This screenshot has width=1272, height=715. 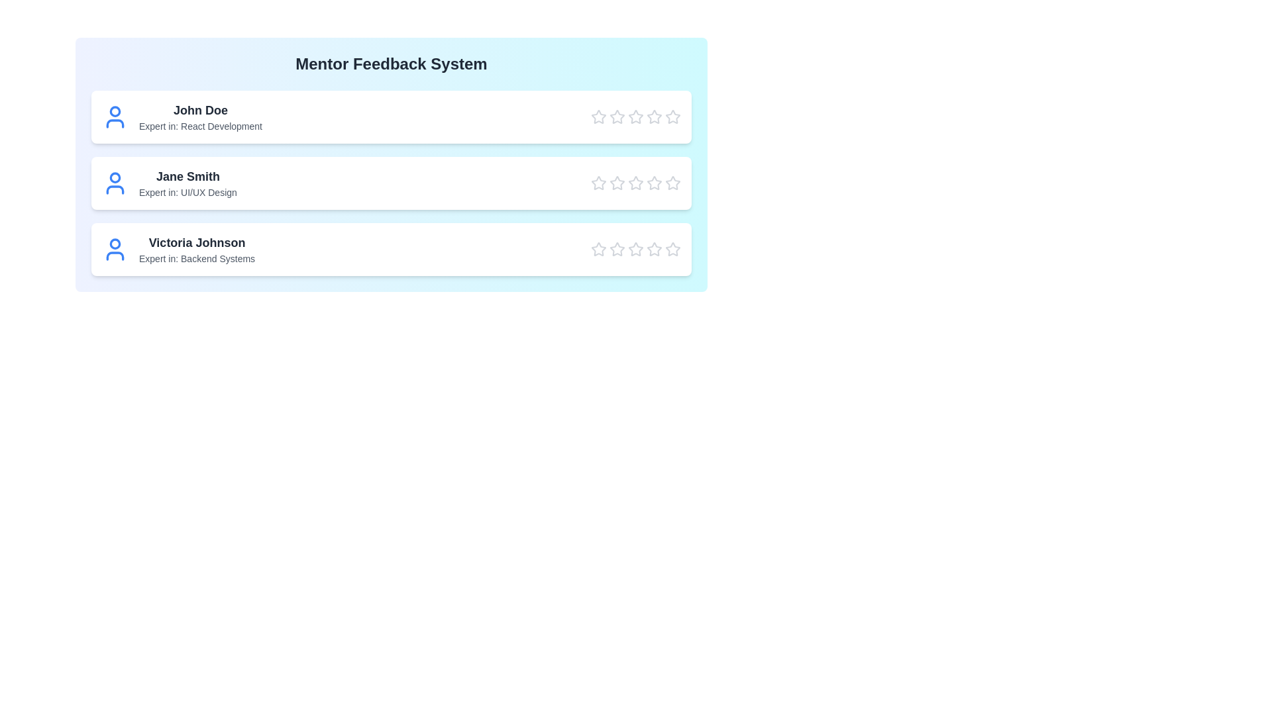 What do you see at coordinates (196, 242) in the screenshot?
I see `the mentor's profile area to view their details. The parameter Victoria Johnson determines which mentor's profile is clicked` at bounding box center [196, 242].